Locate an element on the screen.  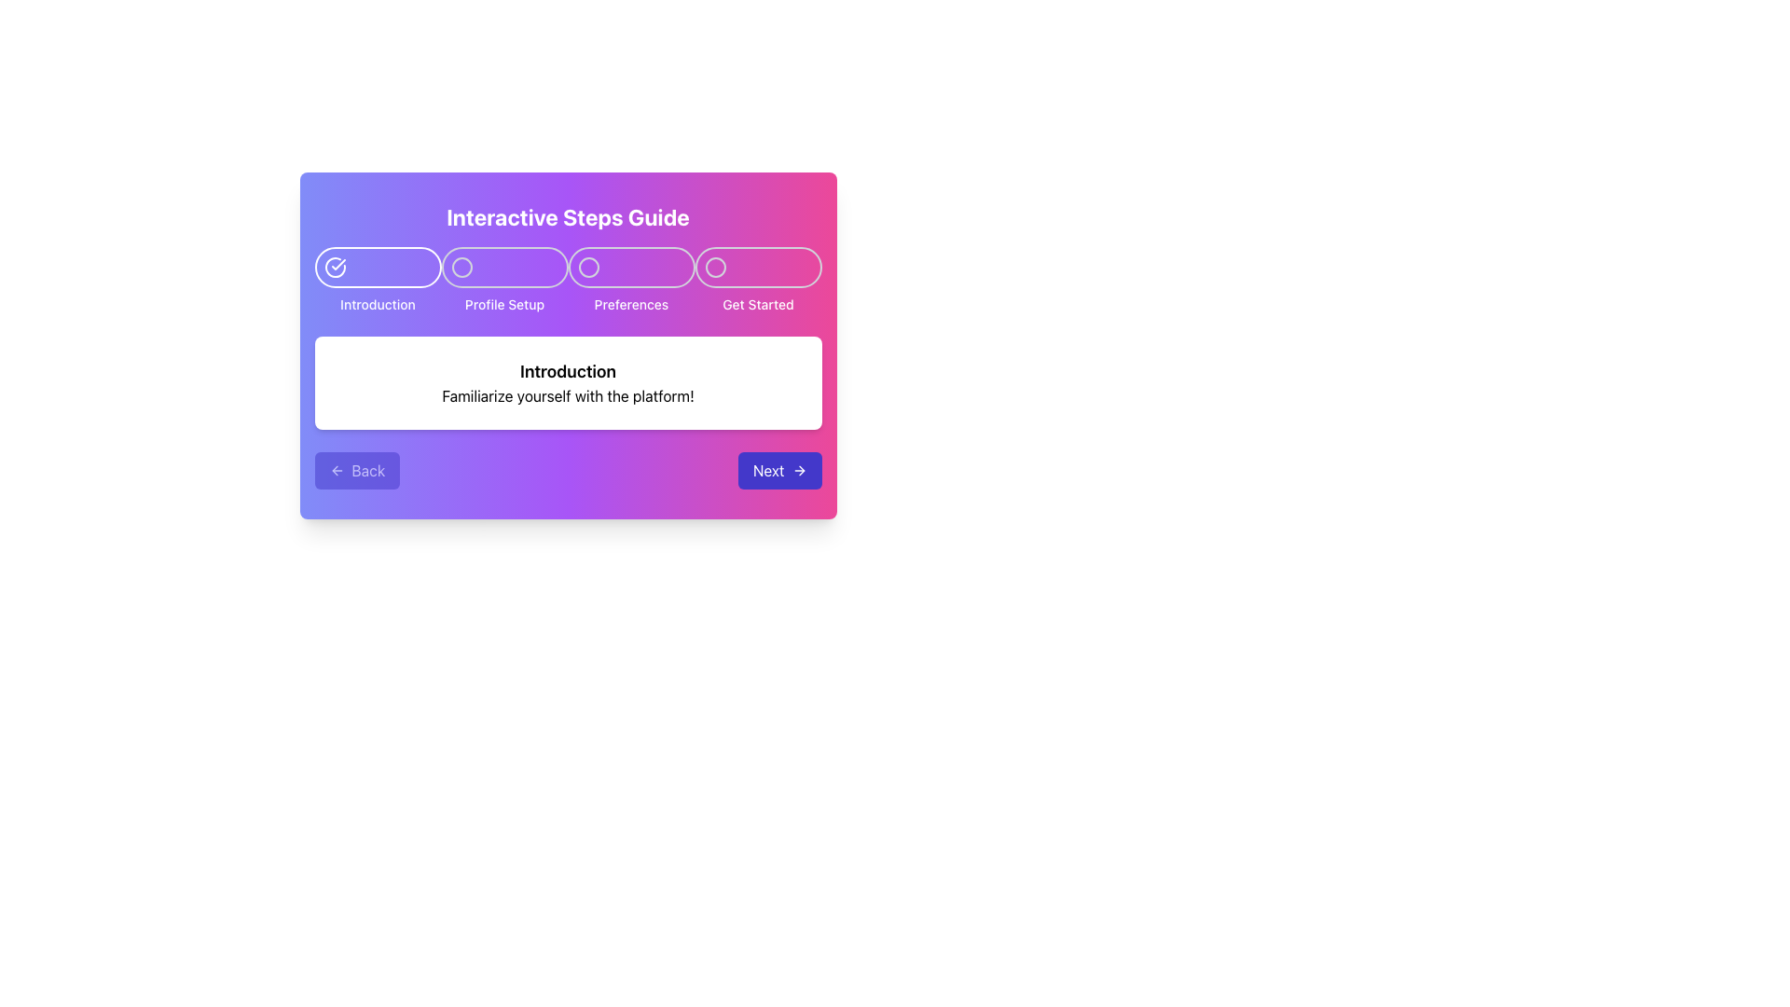
the second circular progress indicator styled with a light border and gray color, which is part of the Interactive Steps Guide is located at coordinates (504, 267).